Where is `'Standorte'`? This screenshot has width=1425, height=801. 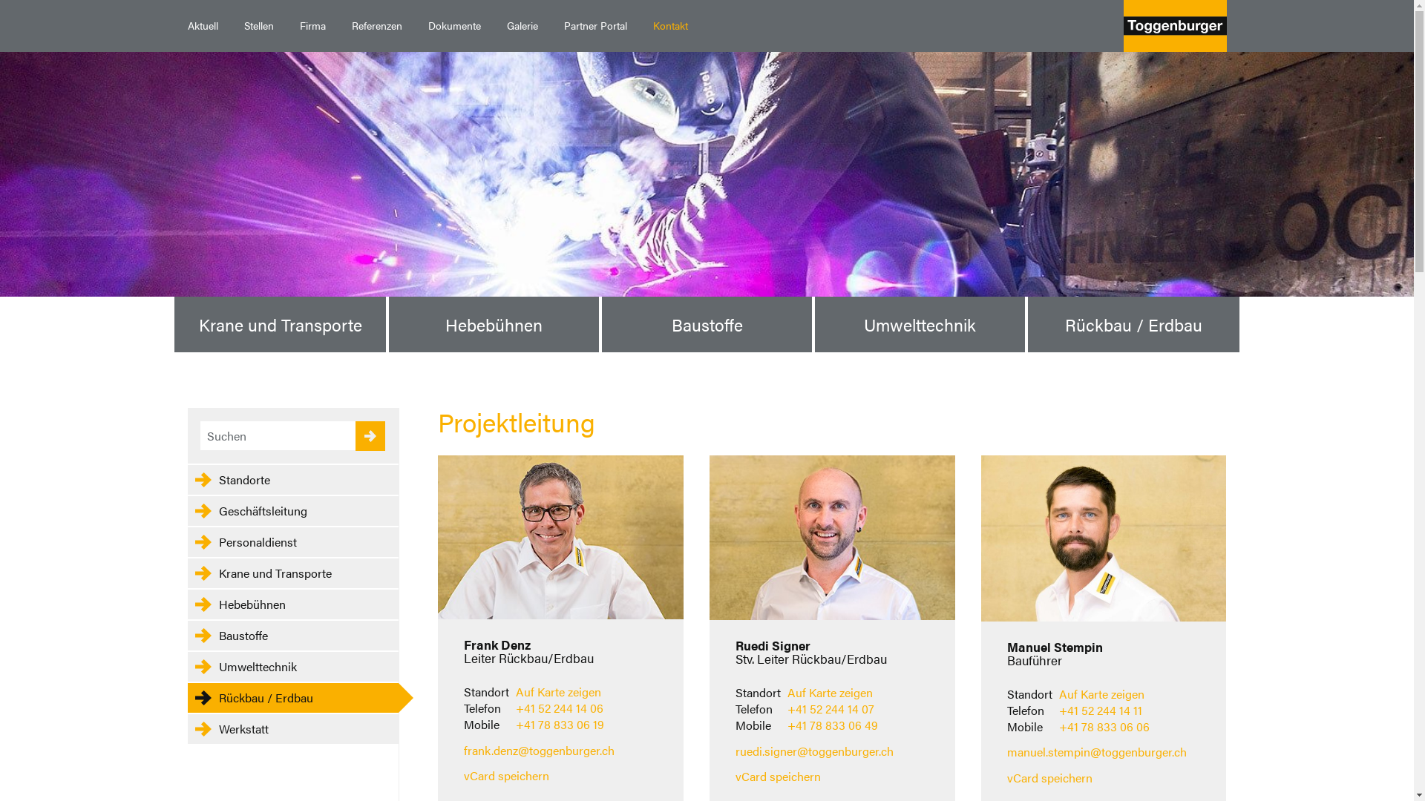 'Standorte' is located at coordinates (292, 480).